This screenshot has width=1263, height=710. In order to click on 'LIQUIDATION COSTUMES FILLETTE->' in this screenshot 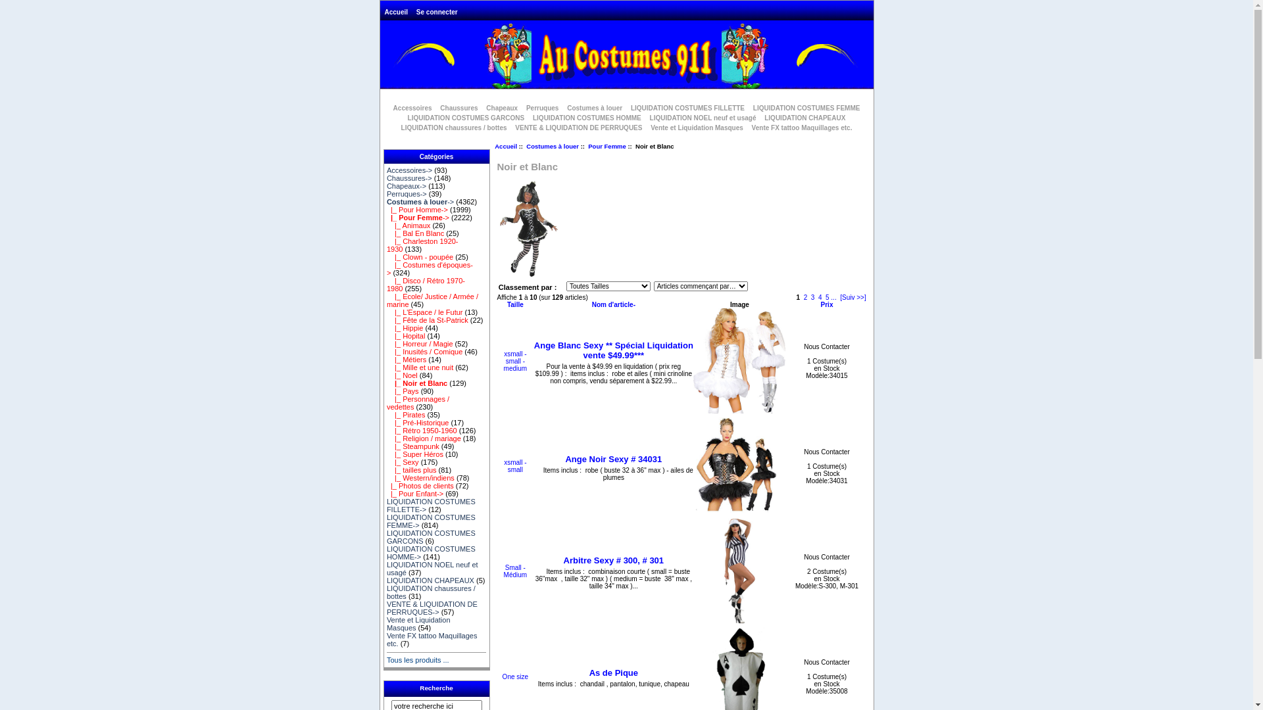, I will do `click(386, 504)`.